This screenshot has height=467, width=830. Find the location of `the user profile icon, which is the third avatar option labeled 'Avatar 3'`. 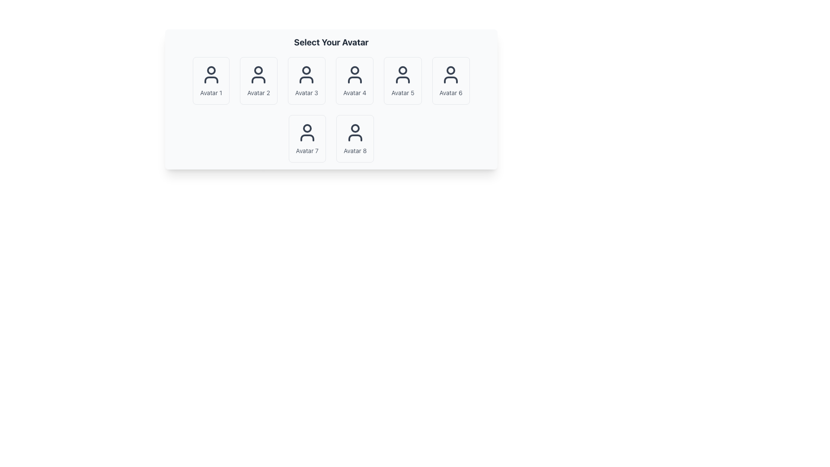

the user profile icon, which is the third avatar option labeled 'Avatar 3' is located at coordinates (306, 74).